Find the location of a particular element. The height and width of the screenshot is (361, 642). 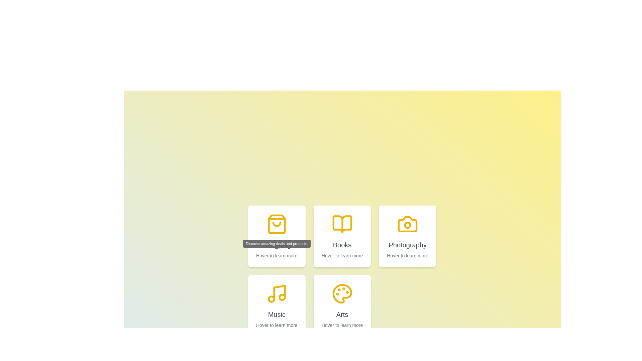

the 'Books' text element, which serves as a label identifying the card's category, located in the second card of the top row is located at coordinates (342, 245).